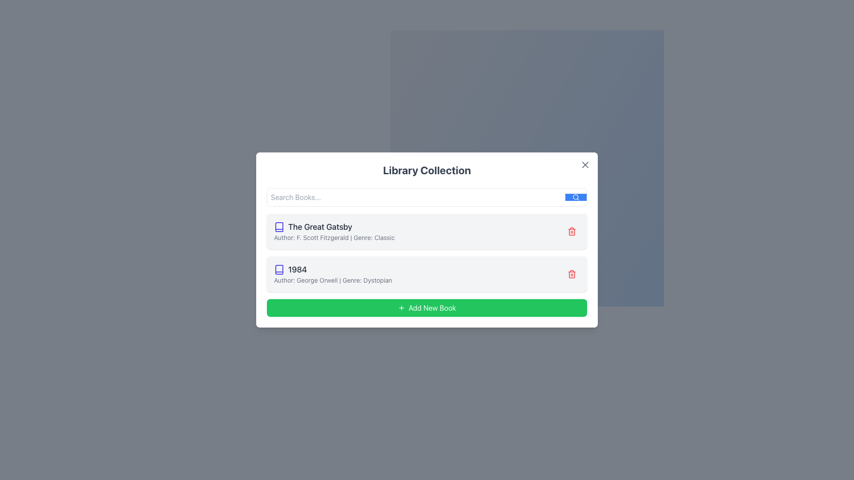 This screenshot has width=854, height=480. What do you see at coordinates (279, 226) in the screenshot?
I see `the icon resembling an open book located to the left of the text 'The Great Gatsby'` at bounding box center [279, 226].